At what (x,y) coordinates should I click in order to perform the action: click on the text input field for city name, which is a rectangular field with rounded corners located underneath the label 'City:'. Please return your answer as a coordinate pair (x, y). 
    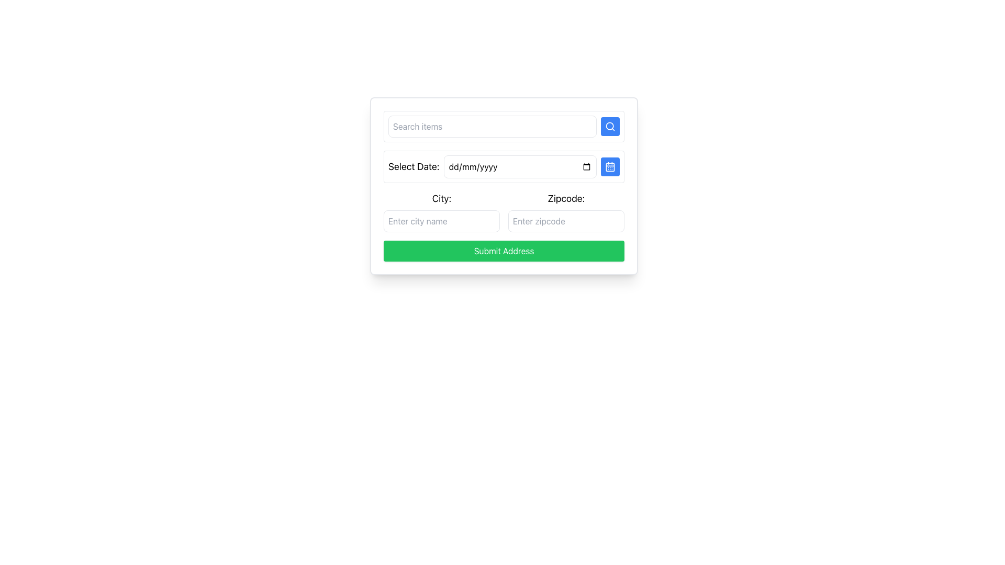
    Looking at the image, I should click on (442, 221).